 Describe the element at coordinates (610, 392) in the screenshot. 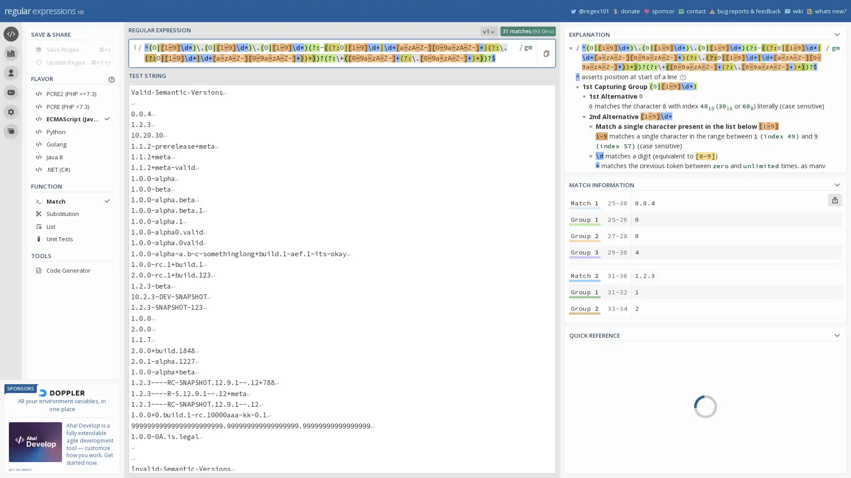

I see `General Tokens` at that location.